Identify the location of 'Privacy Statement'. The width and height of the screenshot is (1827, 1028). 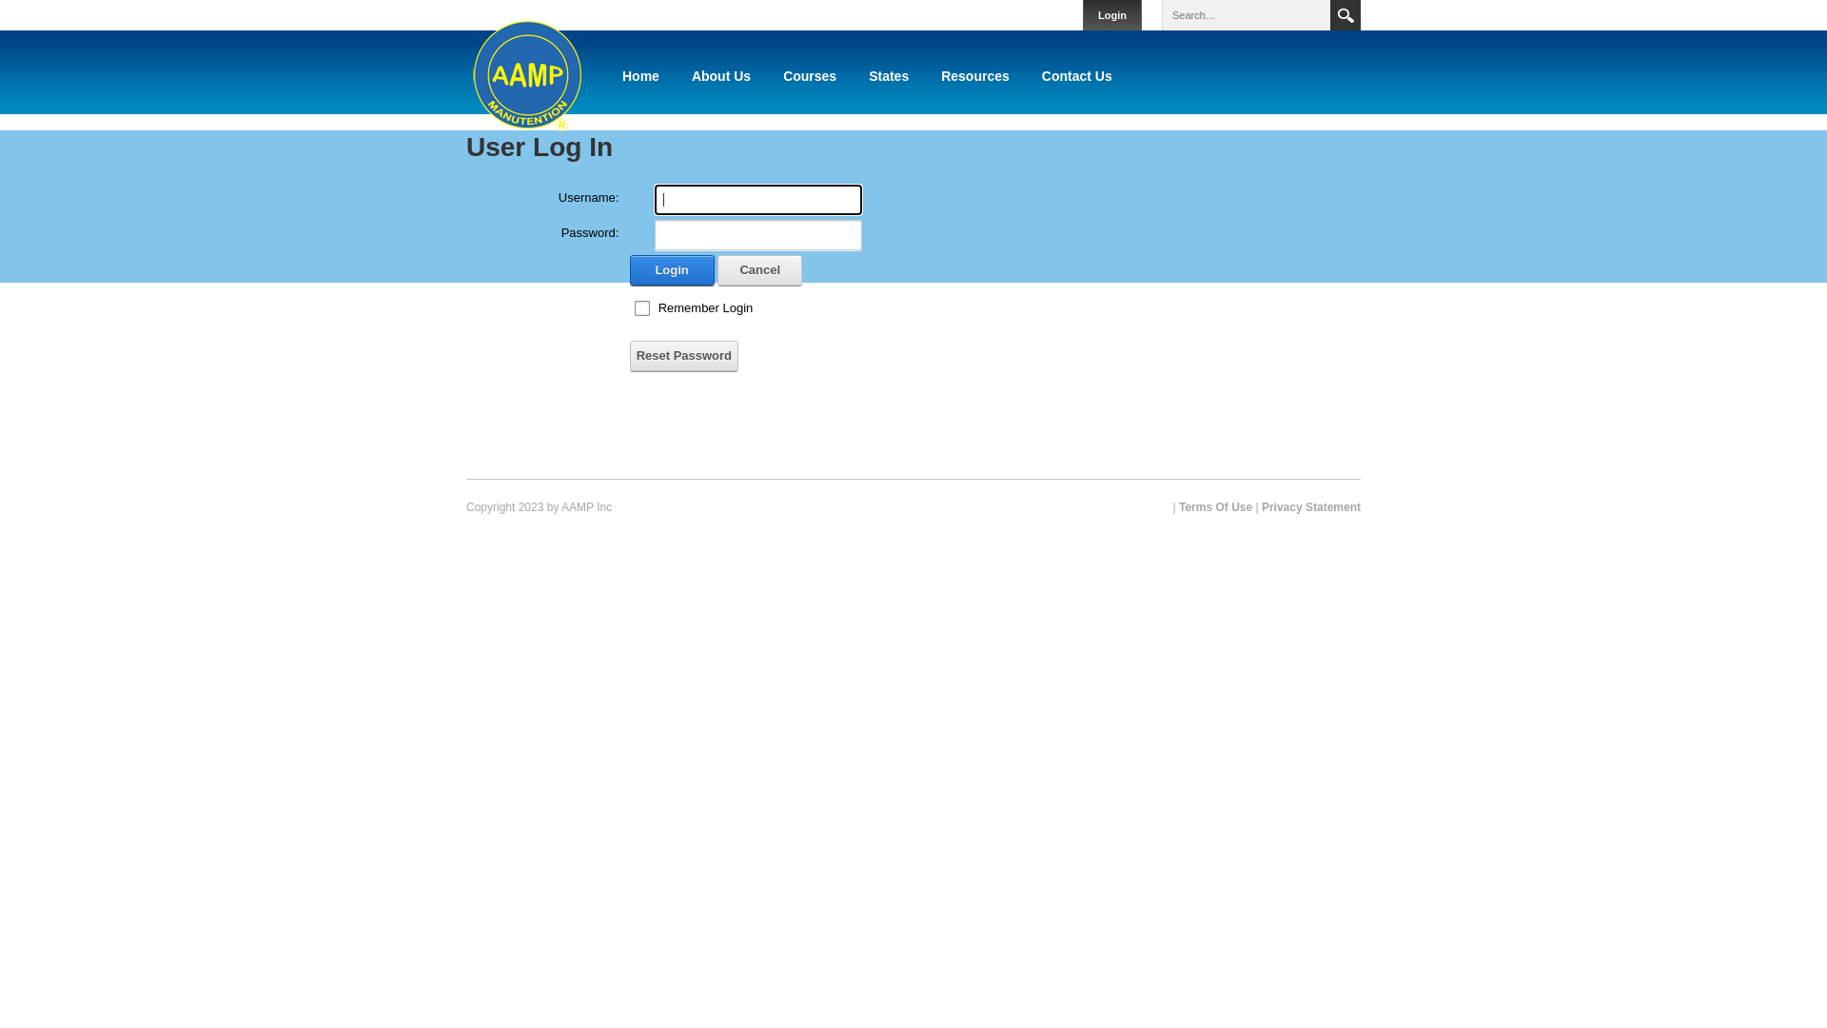
(1309, 505).